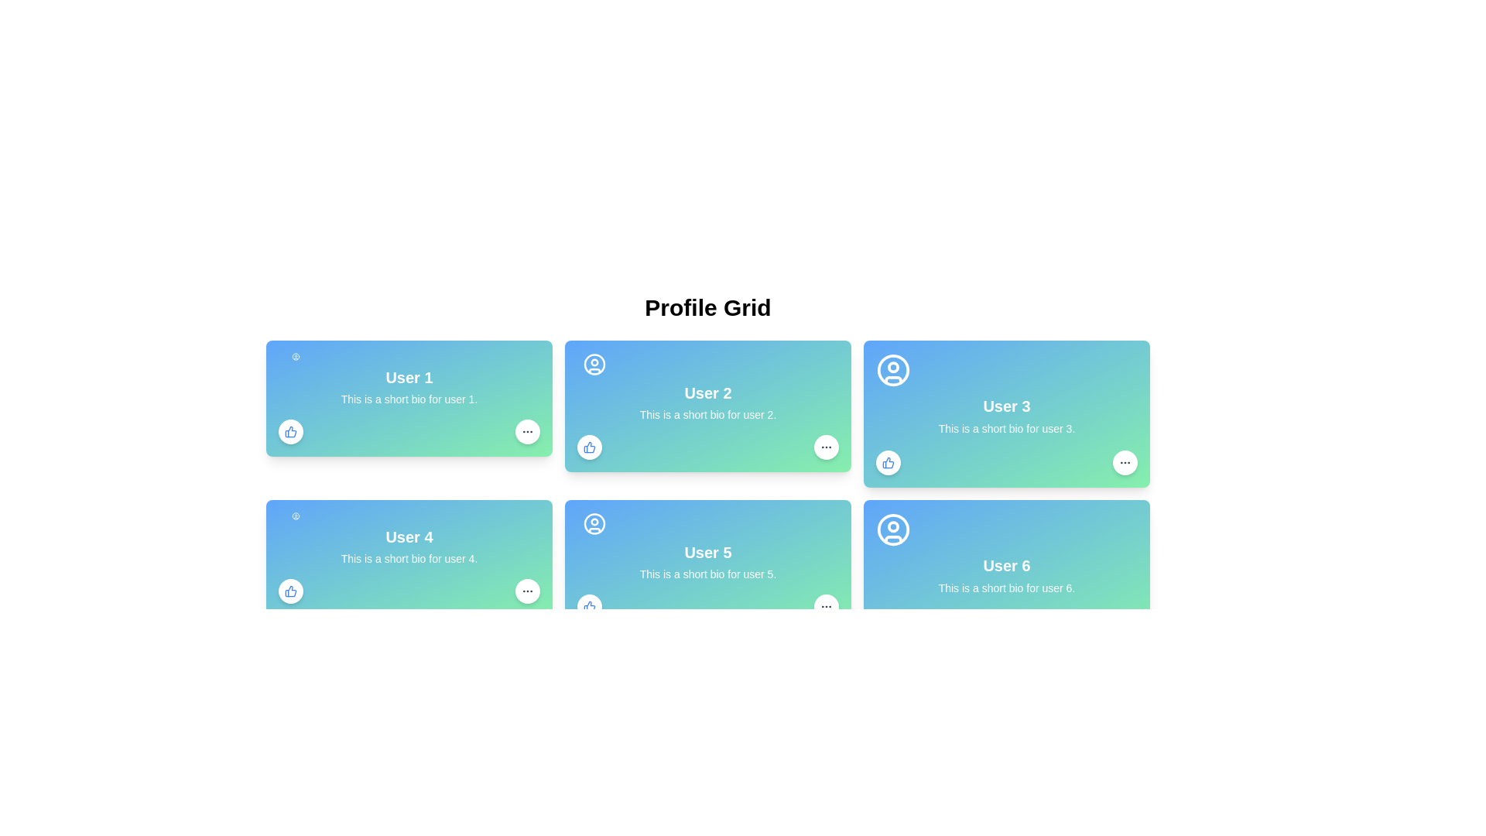 Image resolution: width=1486 pixels, height=836 pixels. I want to click on the circular white button containing a blue thumbs-up icon for 'User 1', so click(290, 591).